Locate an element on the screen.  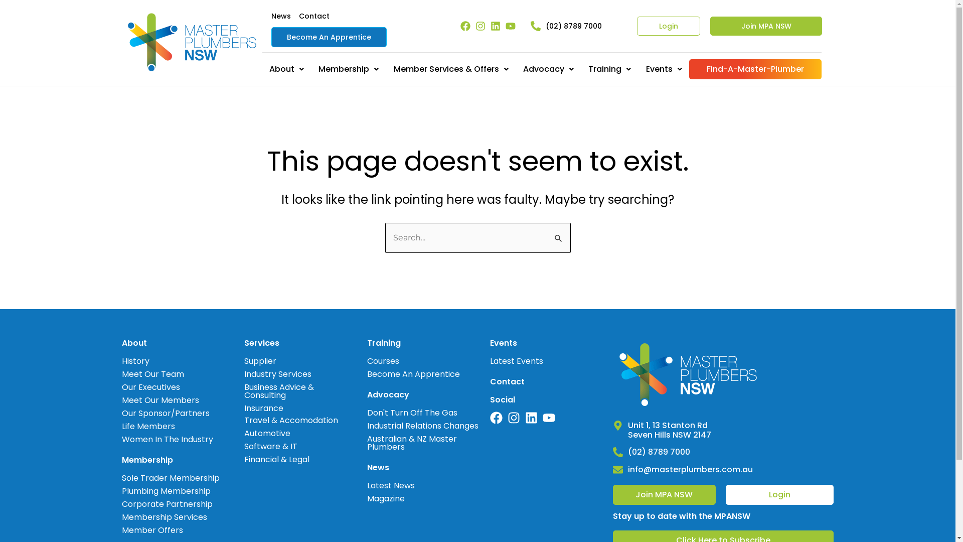
'Member Offers' is located at coordinates (170, 529).